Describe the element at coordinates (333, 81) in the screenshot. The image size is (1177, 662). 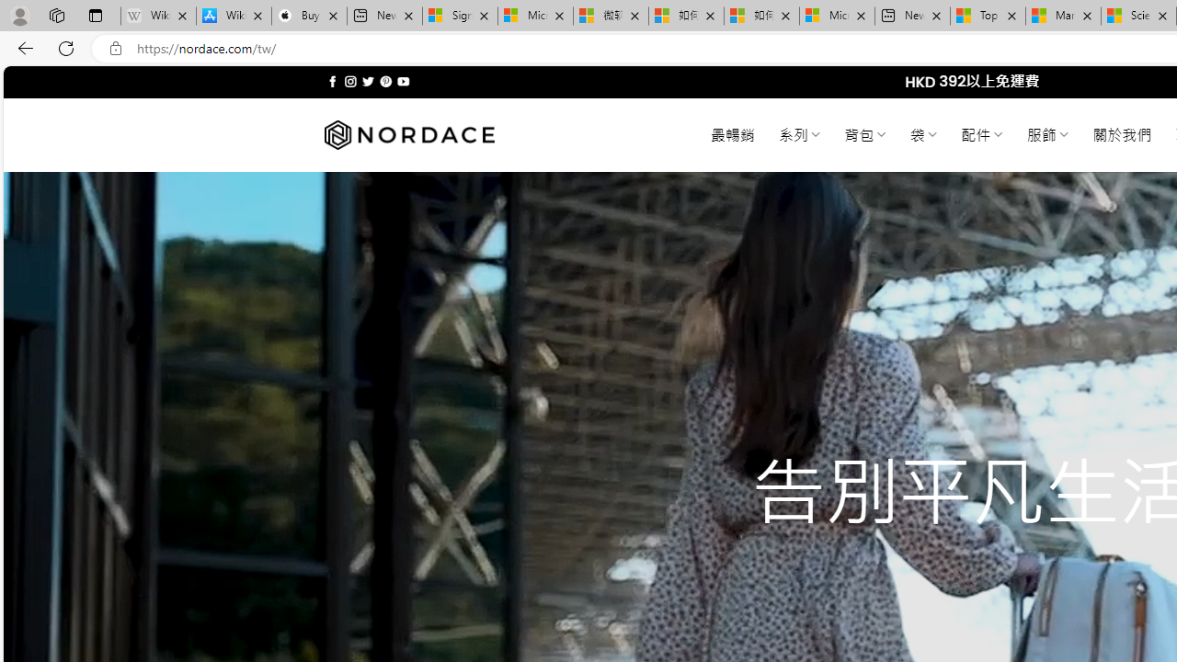
I see `'Follow on Facebook'` at that location.